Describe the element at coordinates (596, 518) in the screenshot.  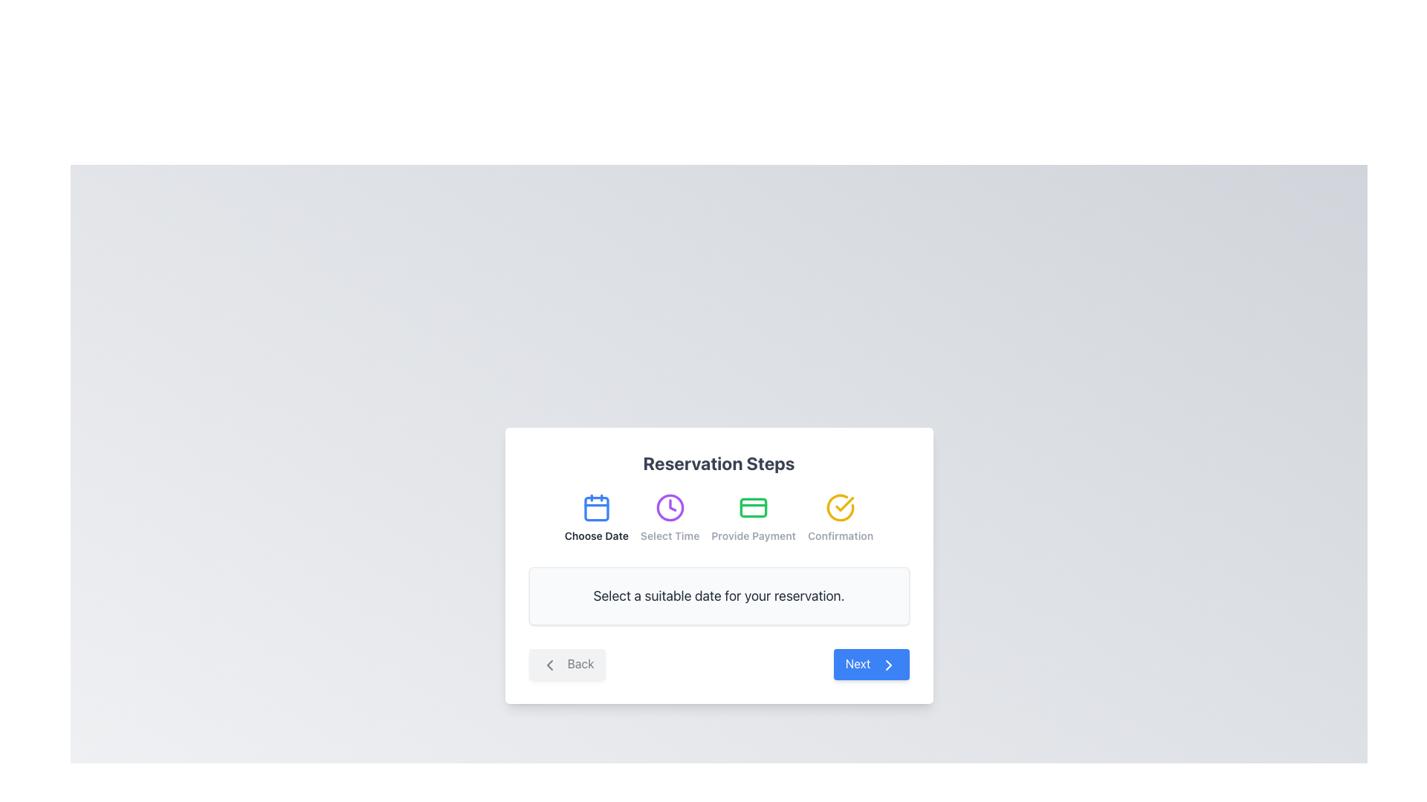
I see `the 'Choose Date' label with a calendar icon, which is the first element in the 'Reservation Steps' section, located in the middle-left area of the step navigation row` at that location.